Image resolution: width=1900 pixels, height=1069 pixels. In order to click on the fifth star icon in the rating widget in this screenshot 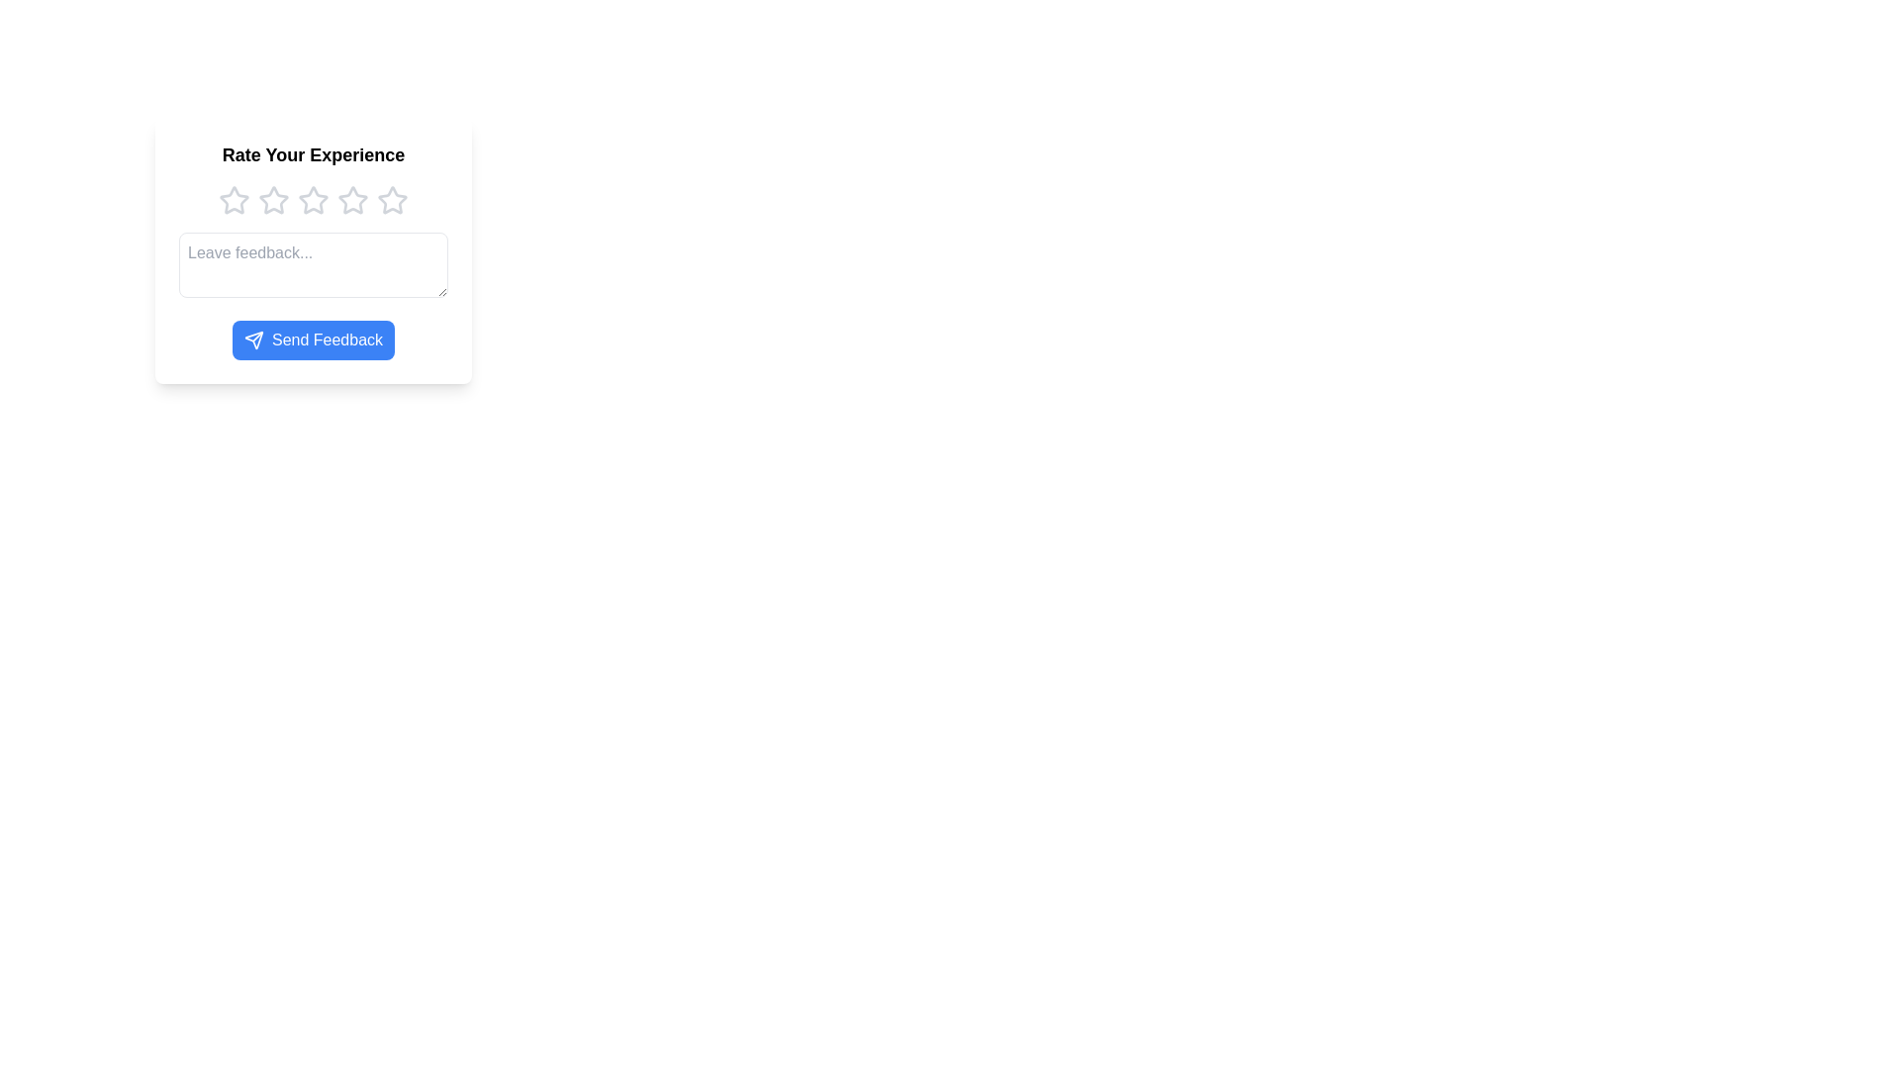, I will do `click(391, 199)`.